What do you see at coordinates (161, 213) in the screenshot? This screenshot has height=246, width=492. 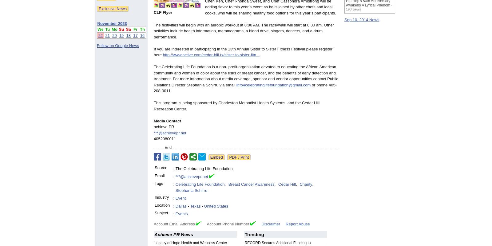 I see `'Subject'` at bounding box center [161, 213].